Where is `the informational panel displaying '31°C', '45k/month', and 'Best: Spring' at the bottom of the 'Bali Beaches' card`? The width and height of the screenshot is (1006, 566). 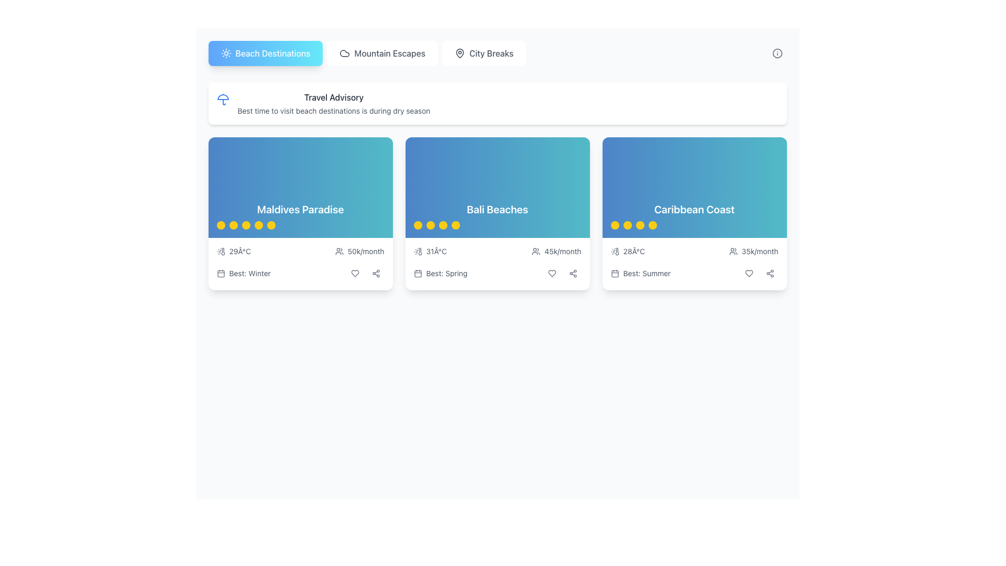 the informational panel displaying '31°C', '45k/month', and 'Best: Spring' at the bottom of the 'Bali Beaches' card is located at coordinates (497, 264).